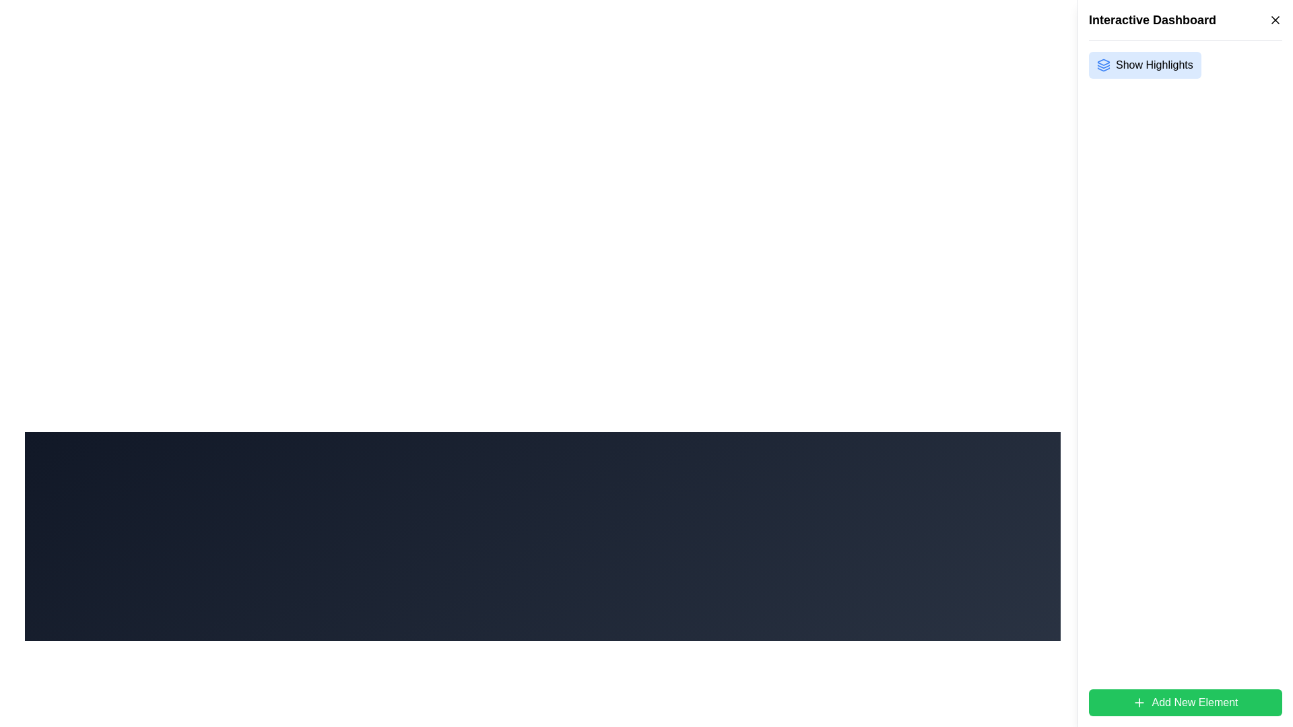  What do you see at coordinates (1103, 65) in the screenshot?
I see `the small blue icon resembling layered shapes that is part of the 'Show Highlights' button, positioned to the left of the text` at bounding box center [1103, 65].